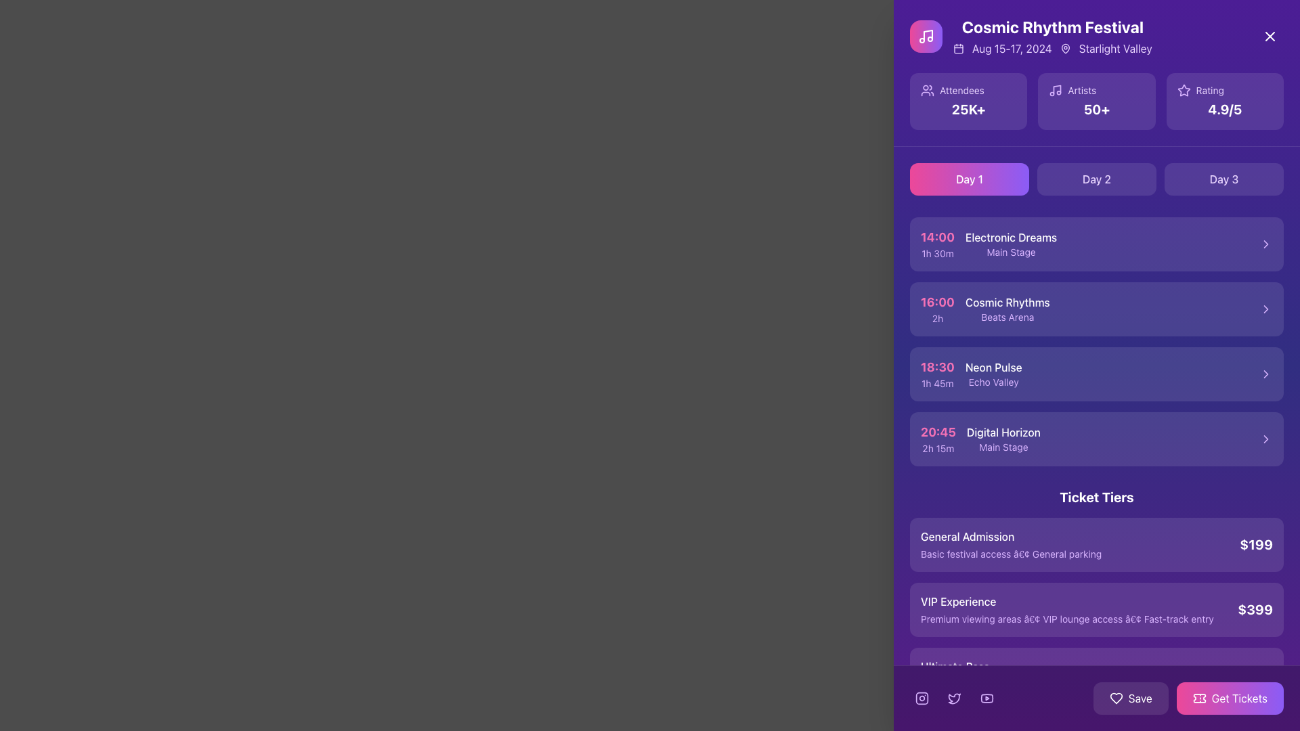  What do you see at coordinates (926, 91) in the screenshot?
I see `the attendees icon located in the 'Attendees' section, positioned to the left of the textual representation of the number of attendees` at bounding box center [926, 91].